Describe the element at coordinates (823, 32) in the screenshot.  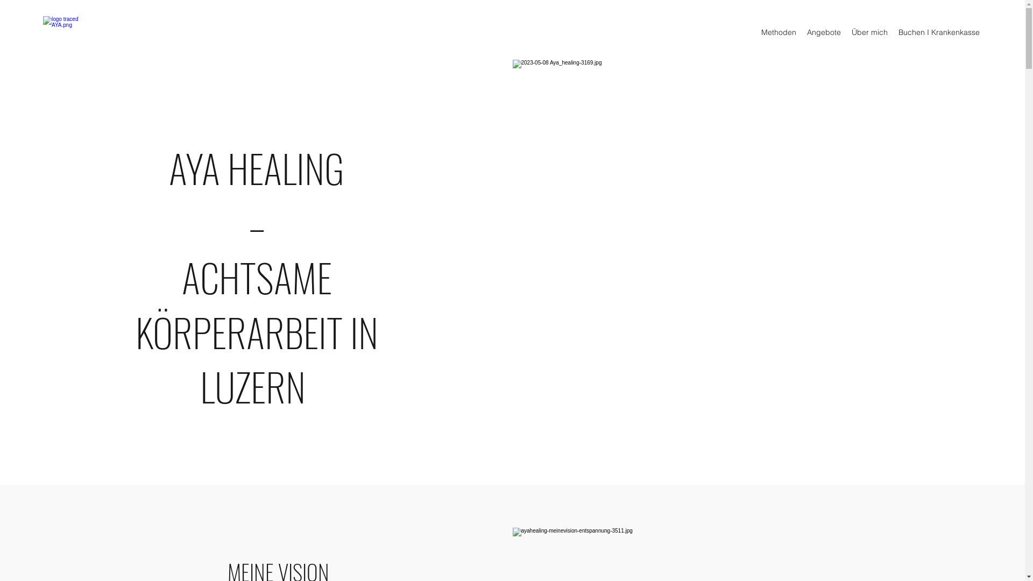
I see `'Angebote'` at that location.